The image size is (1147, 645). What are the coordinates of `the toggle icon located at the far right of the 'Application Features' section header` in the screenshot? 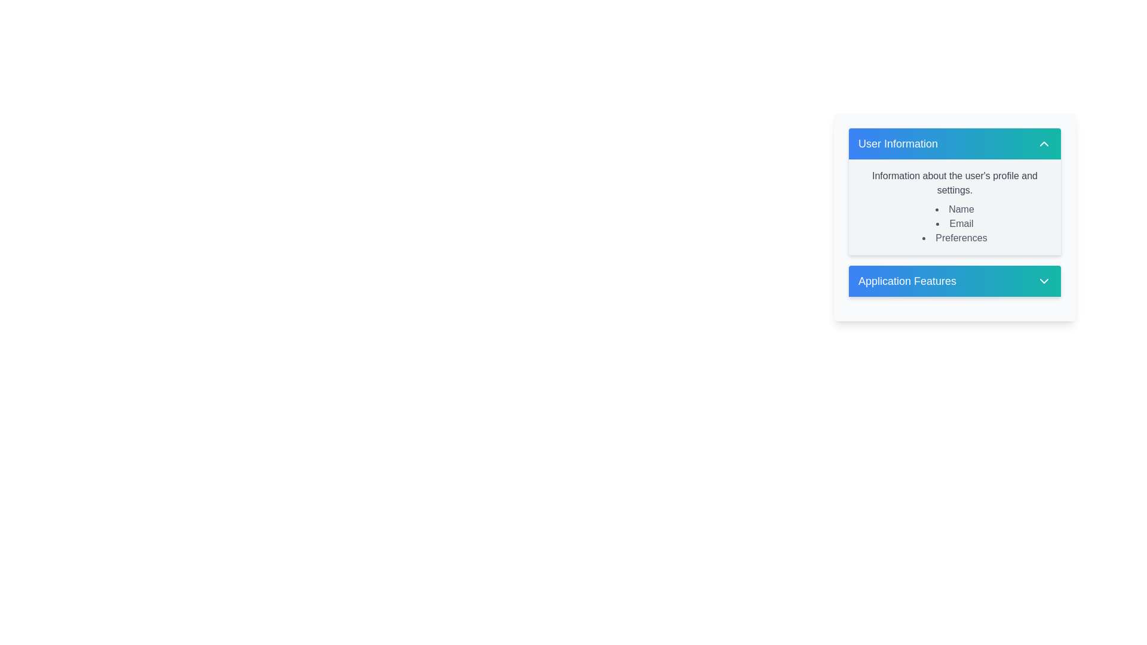 It's located at (1043, 281).